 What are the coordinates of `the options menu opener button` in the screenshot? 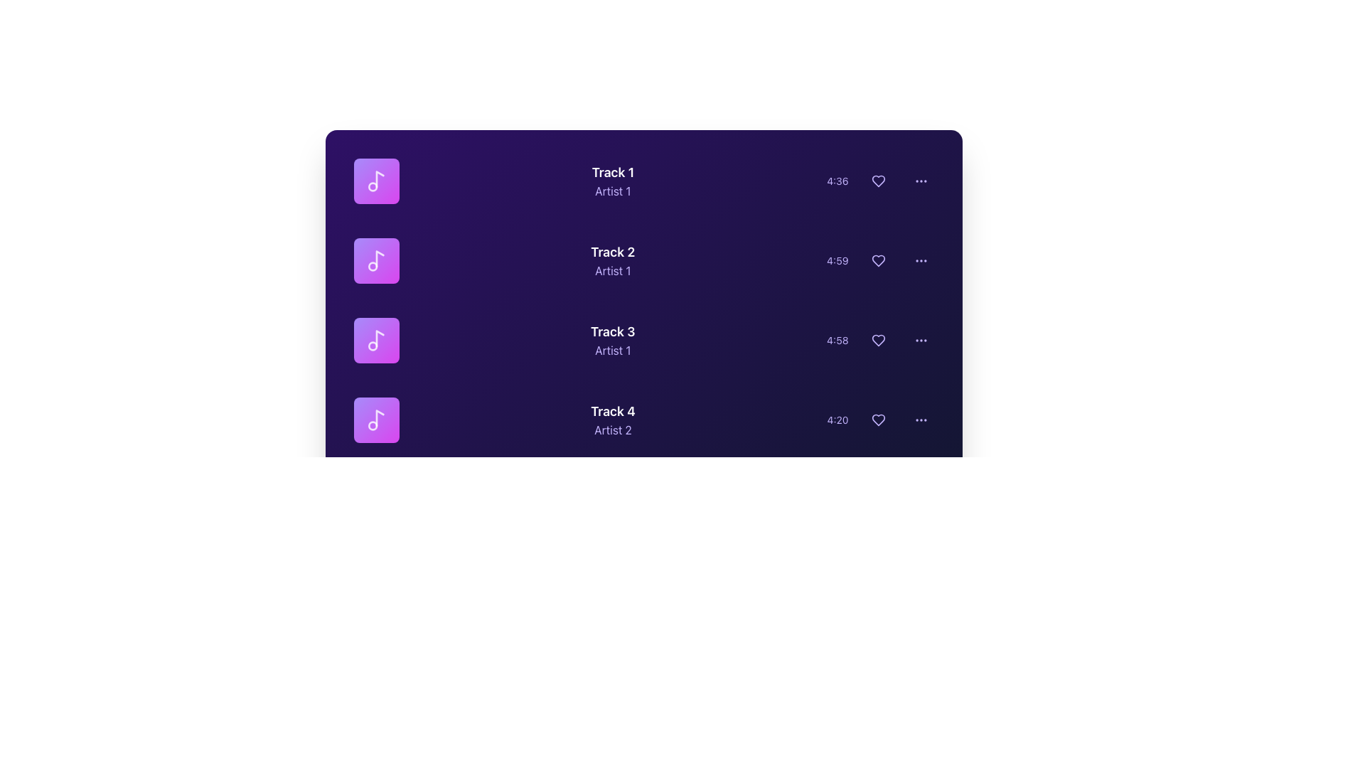 It's located at (921, 260).